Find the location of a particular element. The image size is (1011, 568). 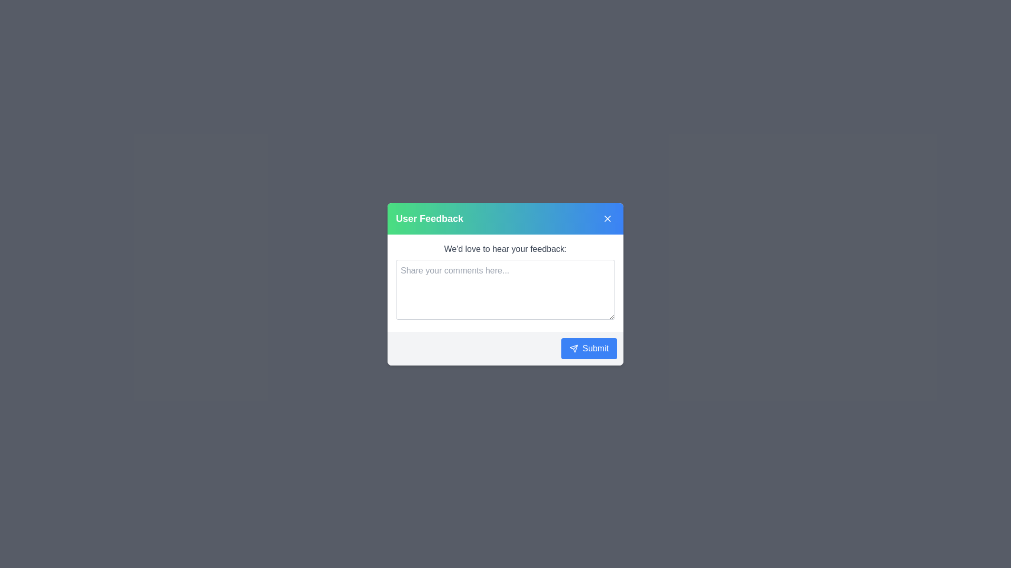

the icon located to the left of the 'Submit' text label within the 'Submit' button at the bottom-right corner of the feedback form is located at coordinates (573, 348).